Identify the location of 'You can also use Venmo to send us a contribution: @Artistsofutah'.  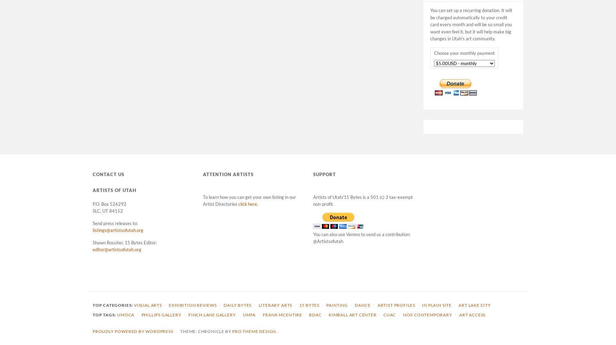
(313, 237).